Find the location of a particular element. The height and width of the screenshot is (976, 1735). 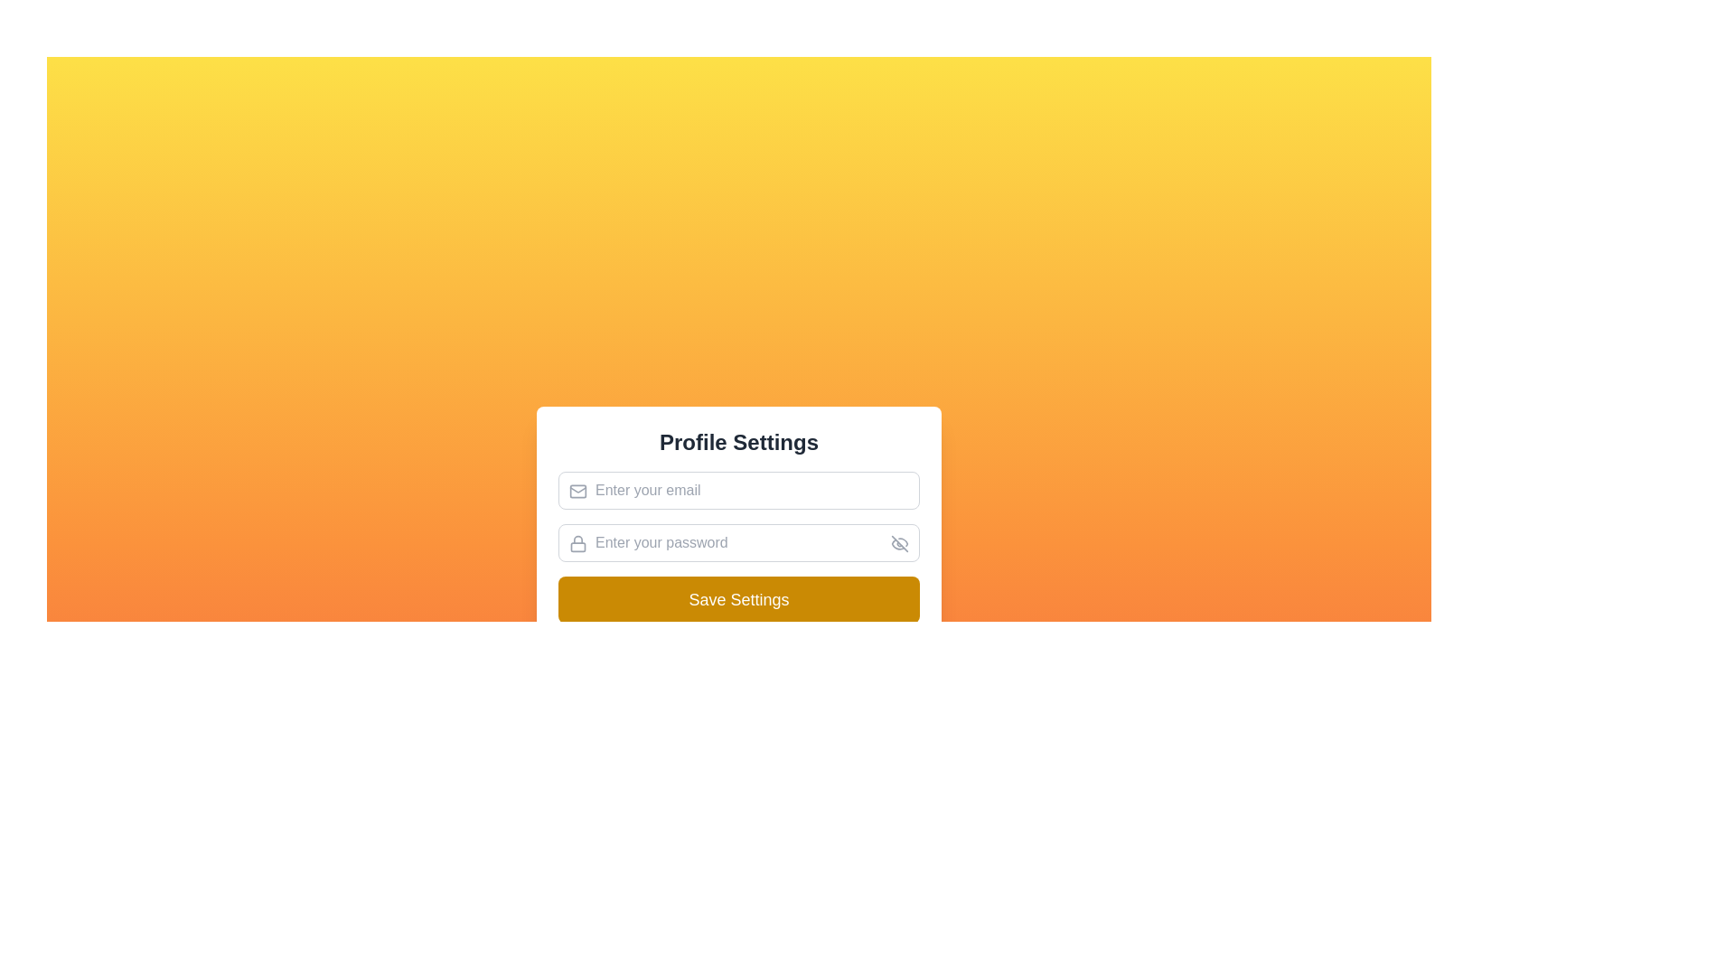

the email icon located within the 'Enter your email' input field at the top of the settings panel is located at coordinates (577, 491).